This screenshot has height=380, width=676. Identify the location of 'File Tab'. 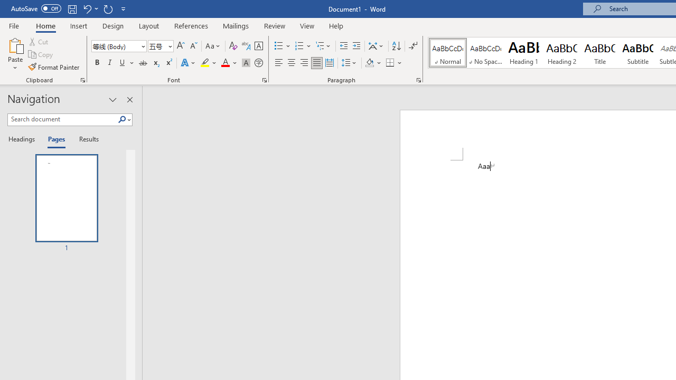
(14, 25).